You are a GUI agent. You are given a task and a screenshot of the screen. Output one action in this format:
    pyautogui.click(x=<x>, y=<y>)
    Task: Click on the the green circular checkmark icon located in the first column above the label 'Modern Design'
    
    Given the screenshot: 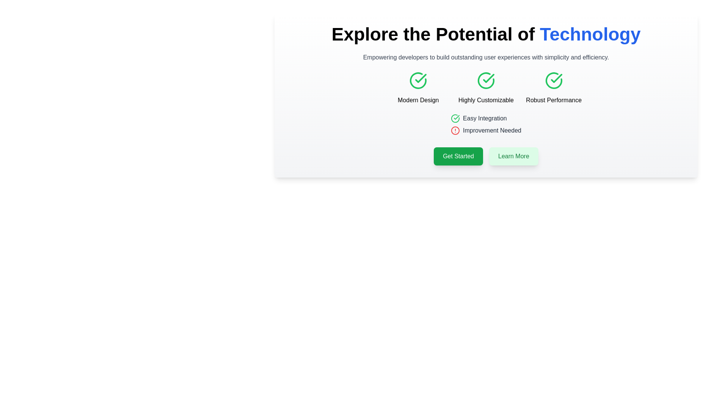 What is the action you would take?
    pyautogui.click(x=418, y=80)
    